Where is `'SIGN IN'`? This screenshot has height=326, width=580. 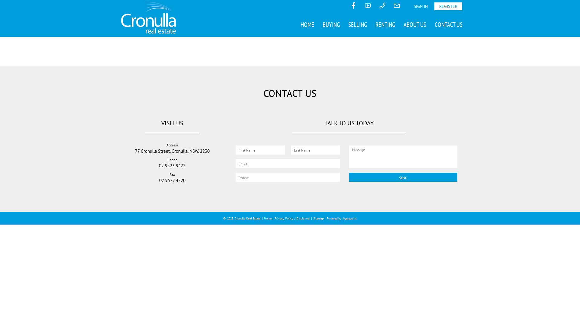
'SIGN IN' is located at coordinates (410, 6).